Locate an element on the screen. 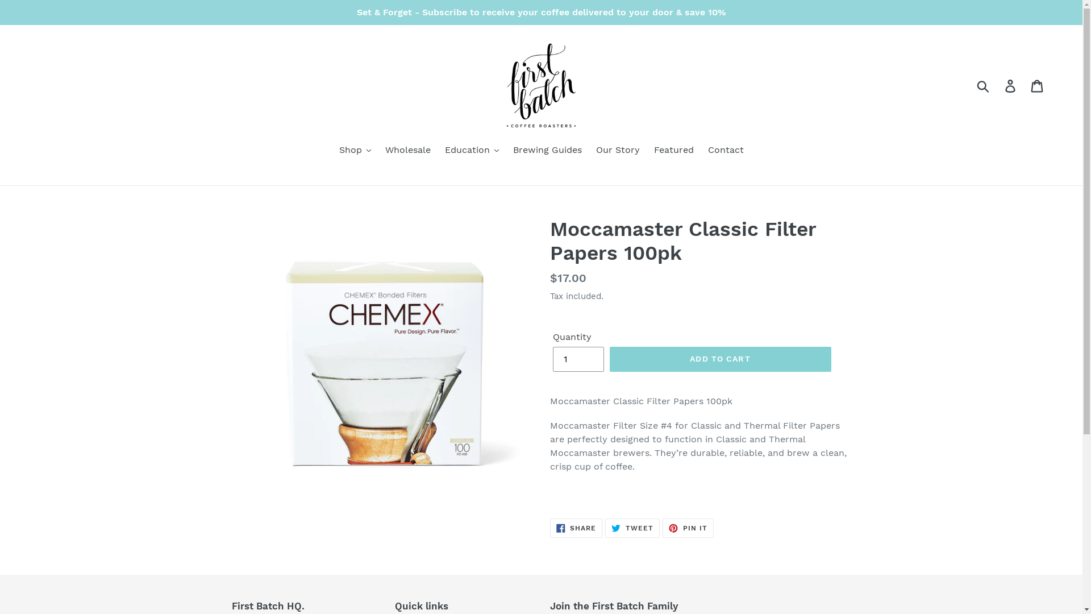 The width and height of the screenshot is (1091, 614). 'ADD TO CART' is located at coordinates (719, 359).